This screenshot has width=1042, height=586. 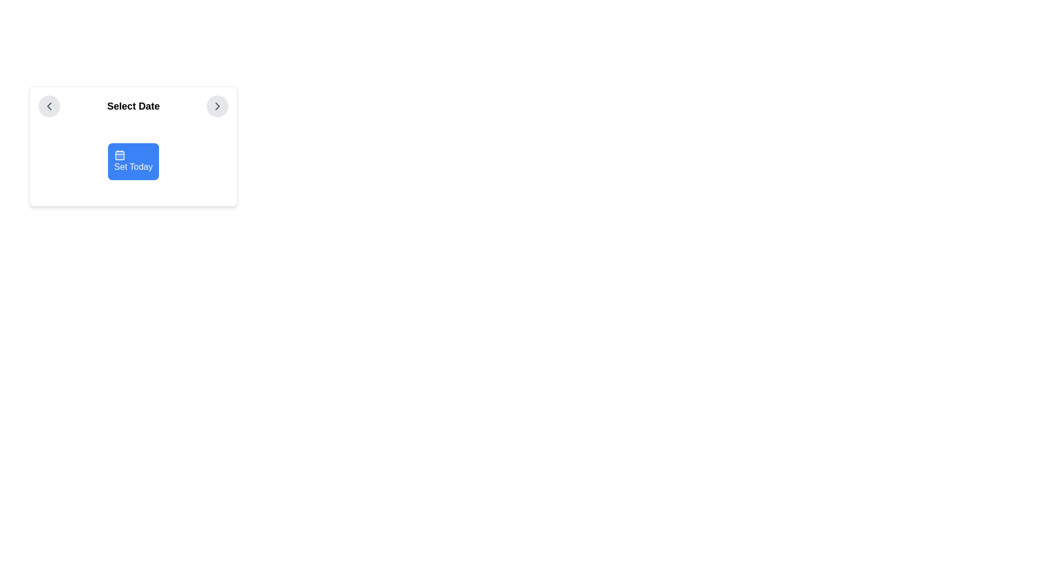 What do you see at coordinates (132, 146) in the screenshot?
I see `the button that sets the date to the current day, located below the 'Select Date' text` at bounding box center [132, 146].